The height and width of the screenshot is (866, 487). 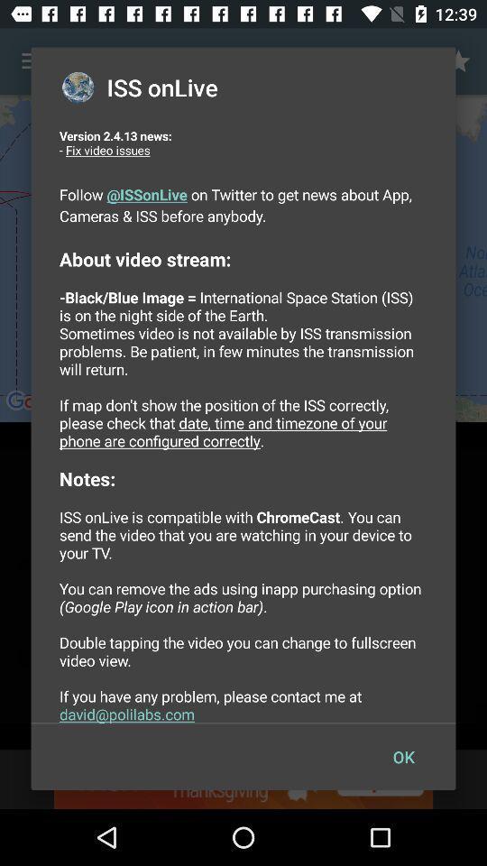 I want to click on the ok icon, so click(x=403, y=757).